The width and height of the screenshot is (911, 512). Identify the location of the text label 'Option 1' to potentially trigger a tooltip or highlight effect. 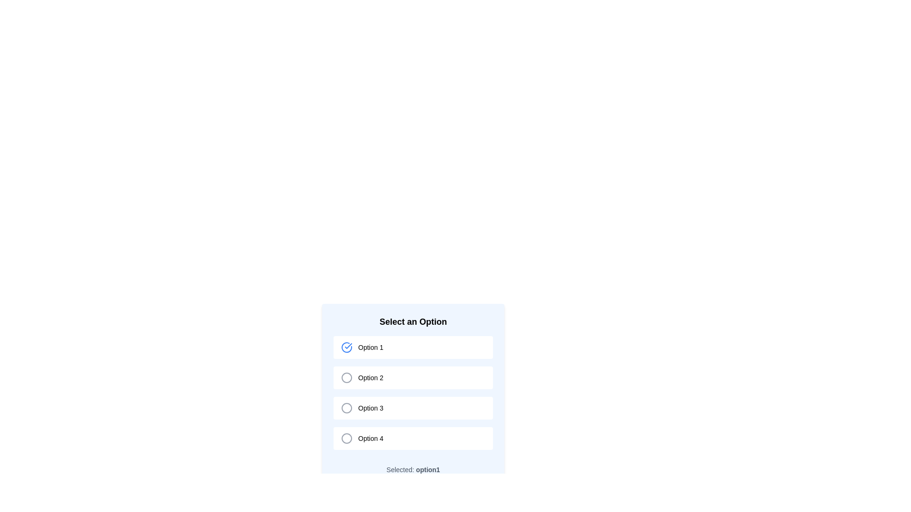
(370, 347).